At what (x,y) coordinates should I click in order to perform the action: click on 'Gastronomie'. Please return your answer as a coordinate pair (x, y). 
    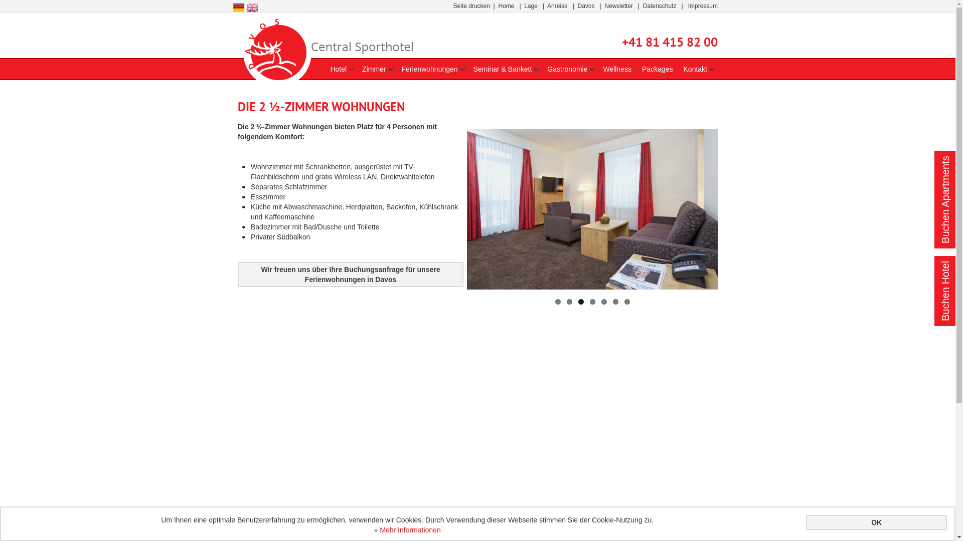
    Looking at the image, I should click on (567, 69).